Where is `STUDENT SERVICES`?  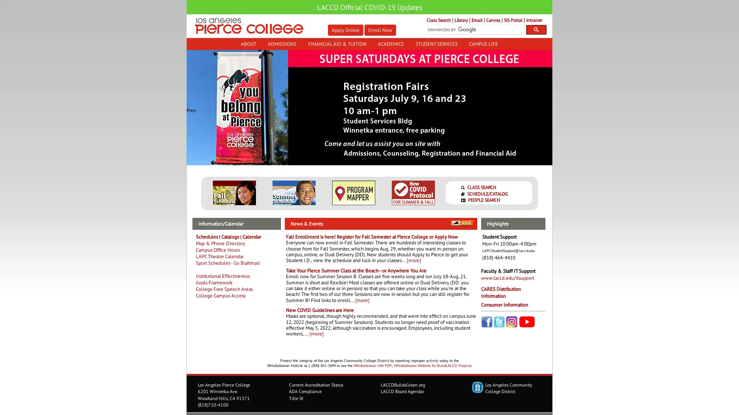
STUDENT SERVICES is located at coordinates (436, 44).